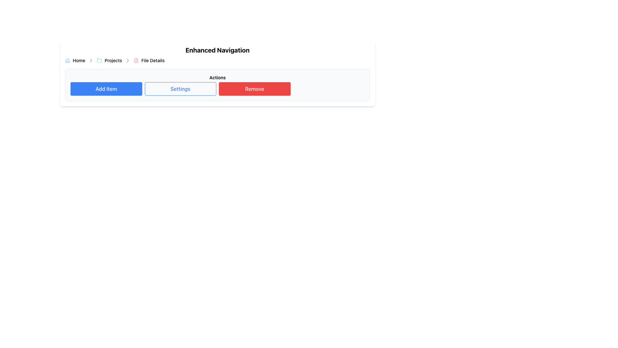 Image resolution: width=618 pixels, height=348 pixels. Describe the element at coordinates (113, 61) in the screenshot. I see `the text label displaying 'Projects' in the navigation breadcrumb bar, which is positioned between a folder-shaped icon and another navigation component` at that location.